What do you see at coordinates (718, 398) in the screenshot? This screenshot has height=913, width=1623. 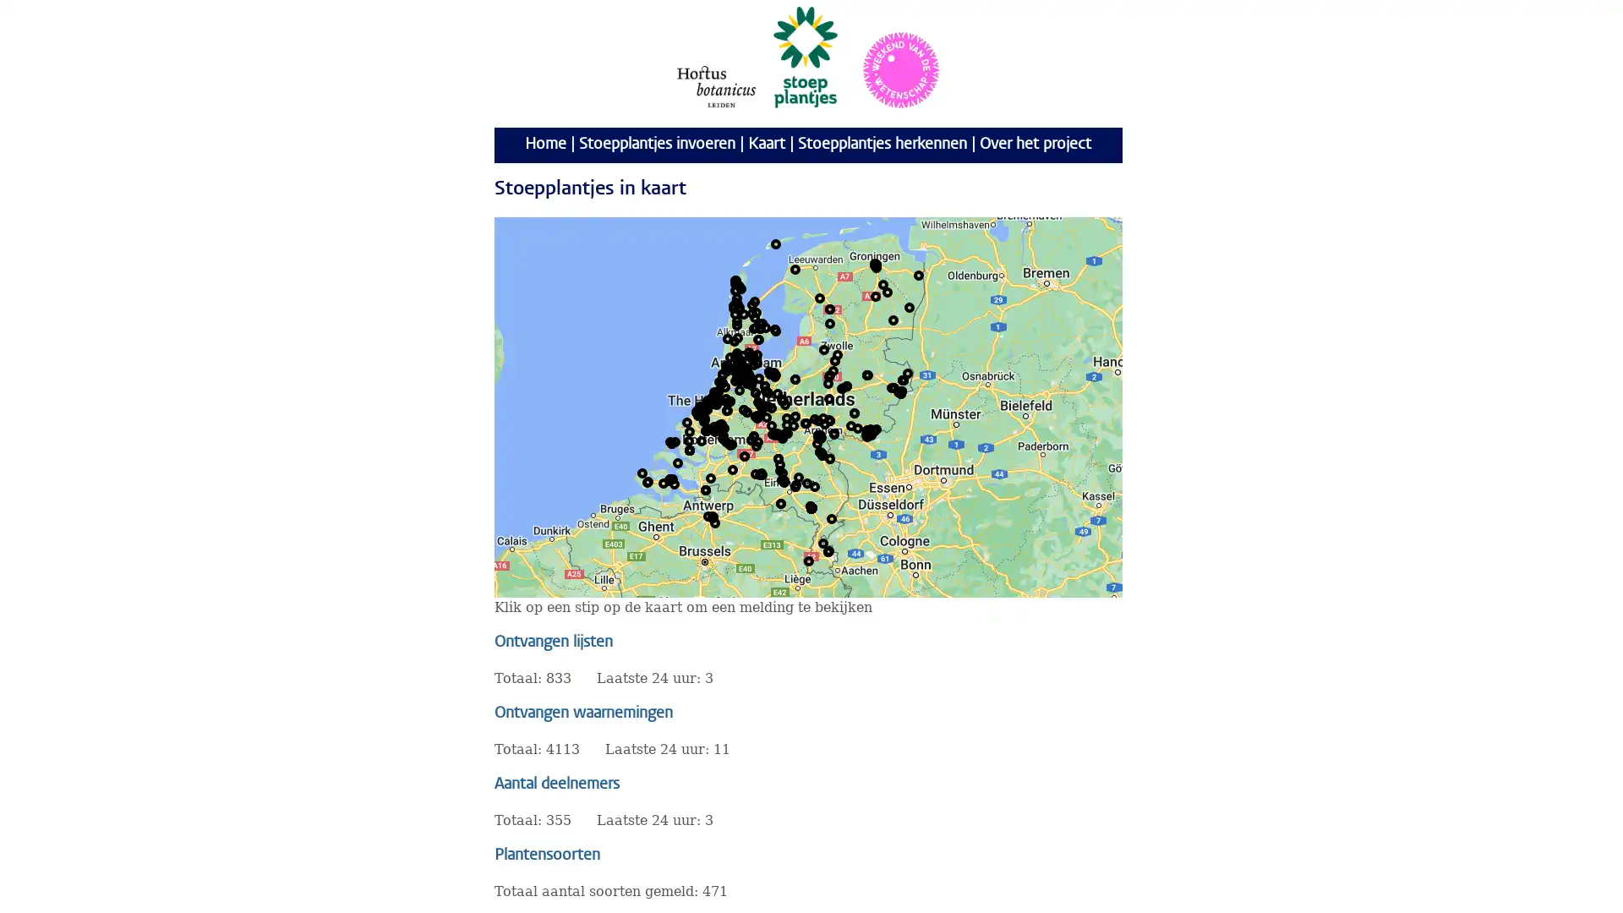 I see `Telling van Marleen op 07 oktober 2021` at bounding box center [718, 398].